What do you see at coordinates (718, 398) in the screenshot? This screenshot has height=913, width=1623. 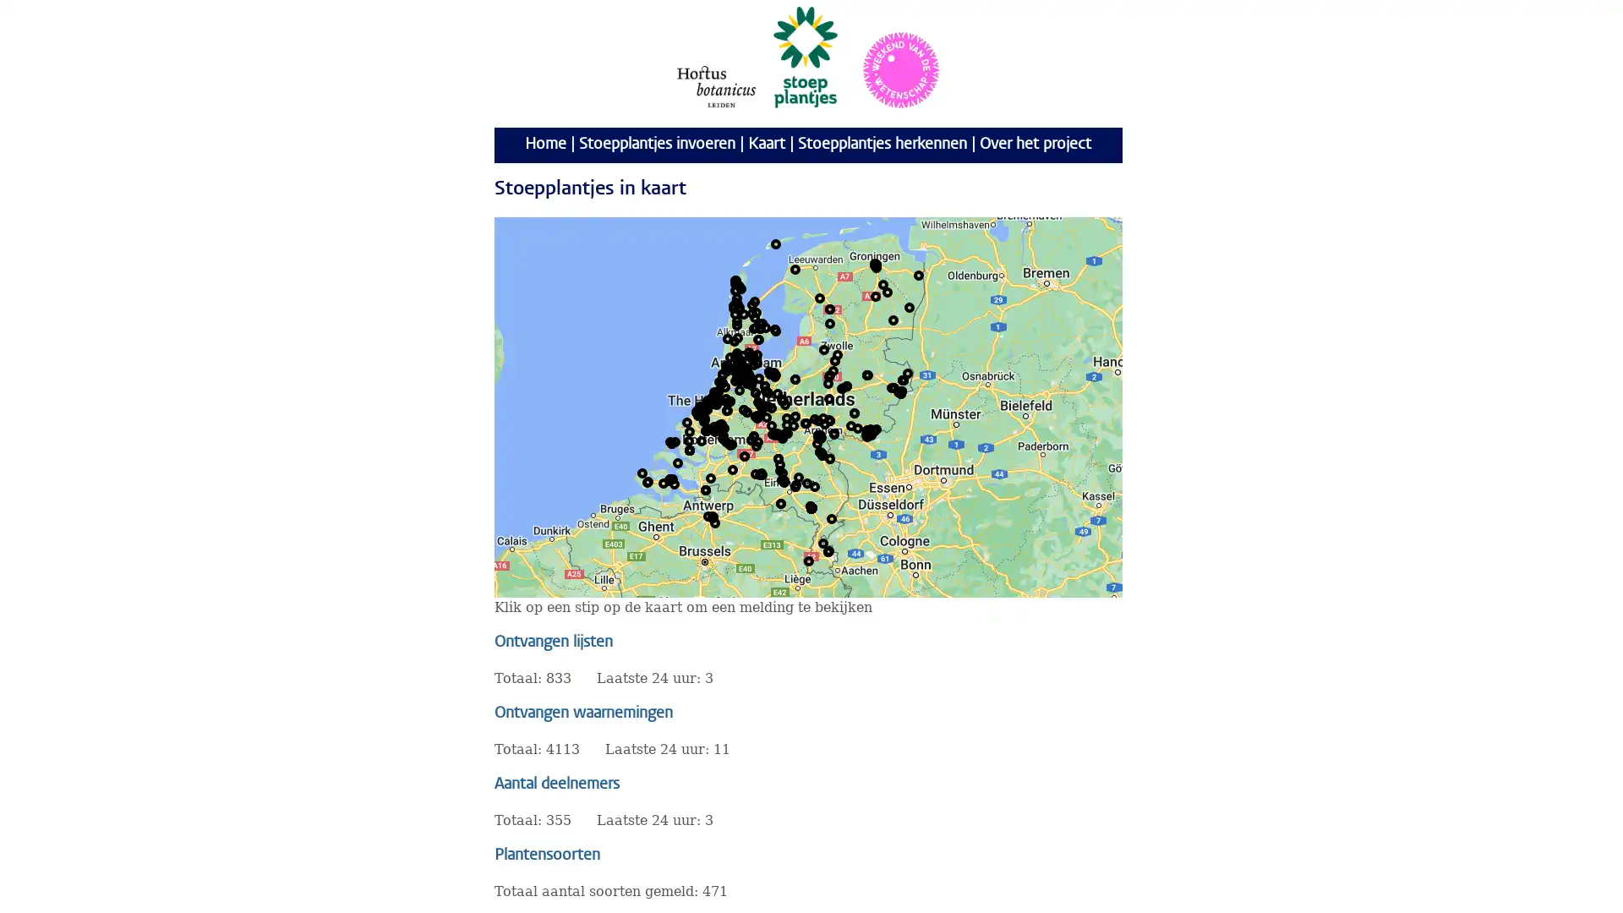 I see `Telling van Marleen op 07 oktober 2021` at bounding box center [718, 398].